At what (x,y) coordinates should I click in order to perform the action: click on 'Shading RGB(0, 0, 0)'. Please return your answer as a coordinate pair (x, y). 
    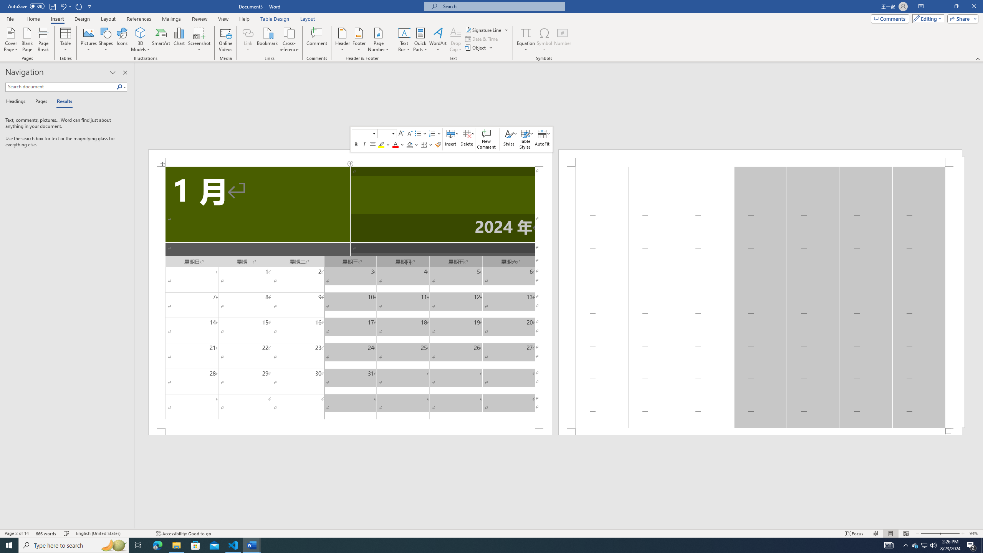
    Looking at the image, I should click on (409, 144).